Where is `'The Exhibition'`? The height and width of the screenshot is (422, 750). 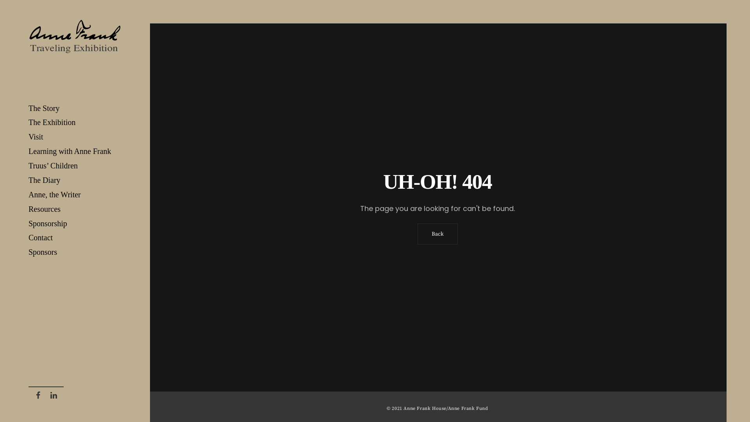 'The Exhibition' is located at coordinates (75, 122).